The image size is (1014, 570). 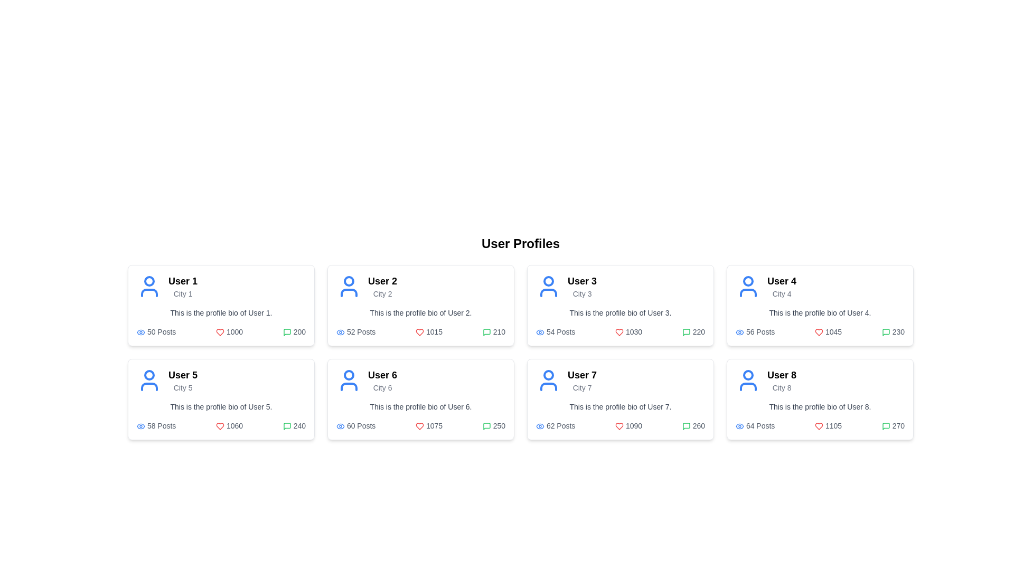 What do you see at coordinates (349, 374) in the screenshot?
I see `the blue circular avatar icon representing 'User 6' in the user profile grid` at bounding box center [349, 374].